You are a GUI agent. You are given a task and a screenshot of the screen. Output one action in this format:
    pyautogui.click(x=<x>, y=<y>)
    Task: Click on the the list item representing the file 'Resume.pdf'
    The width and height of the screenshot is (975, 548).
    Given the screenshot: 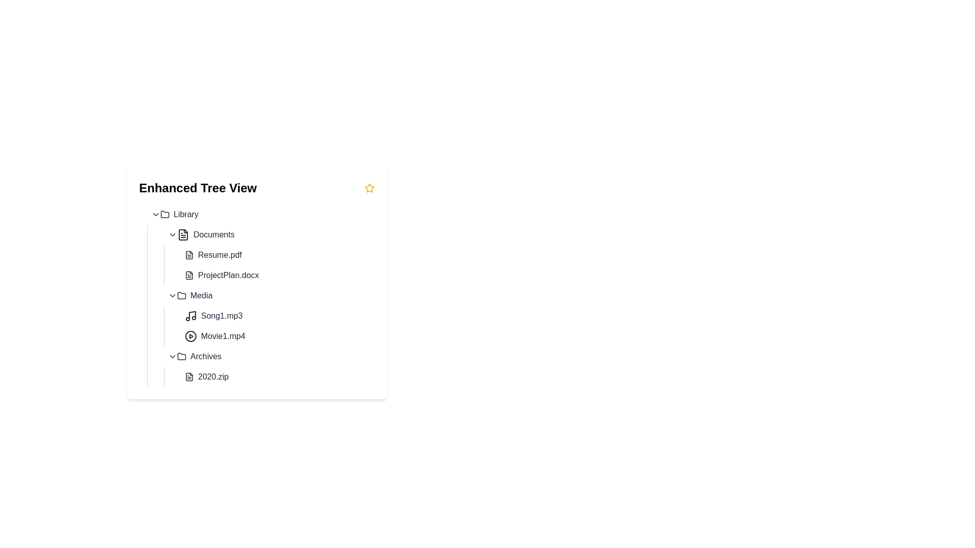 What is the action you would take?
    pyautogui.click(x=278, y=254)
    